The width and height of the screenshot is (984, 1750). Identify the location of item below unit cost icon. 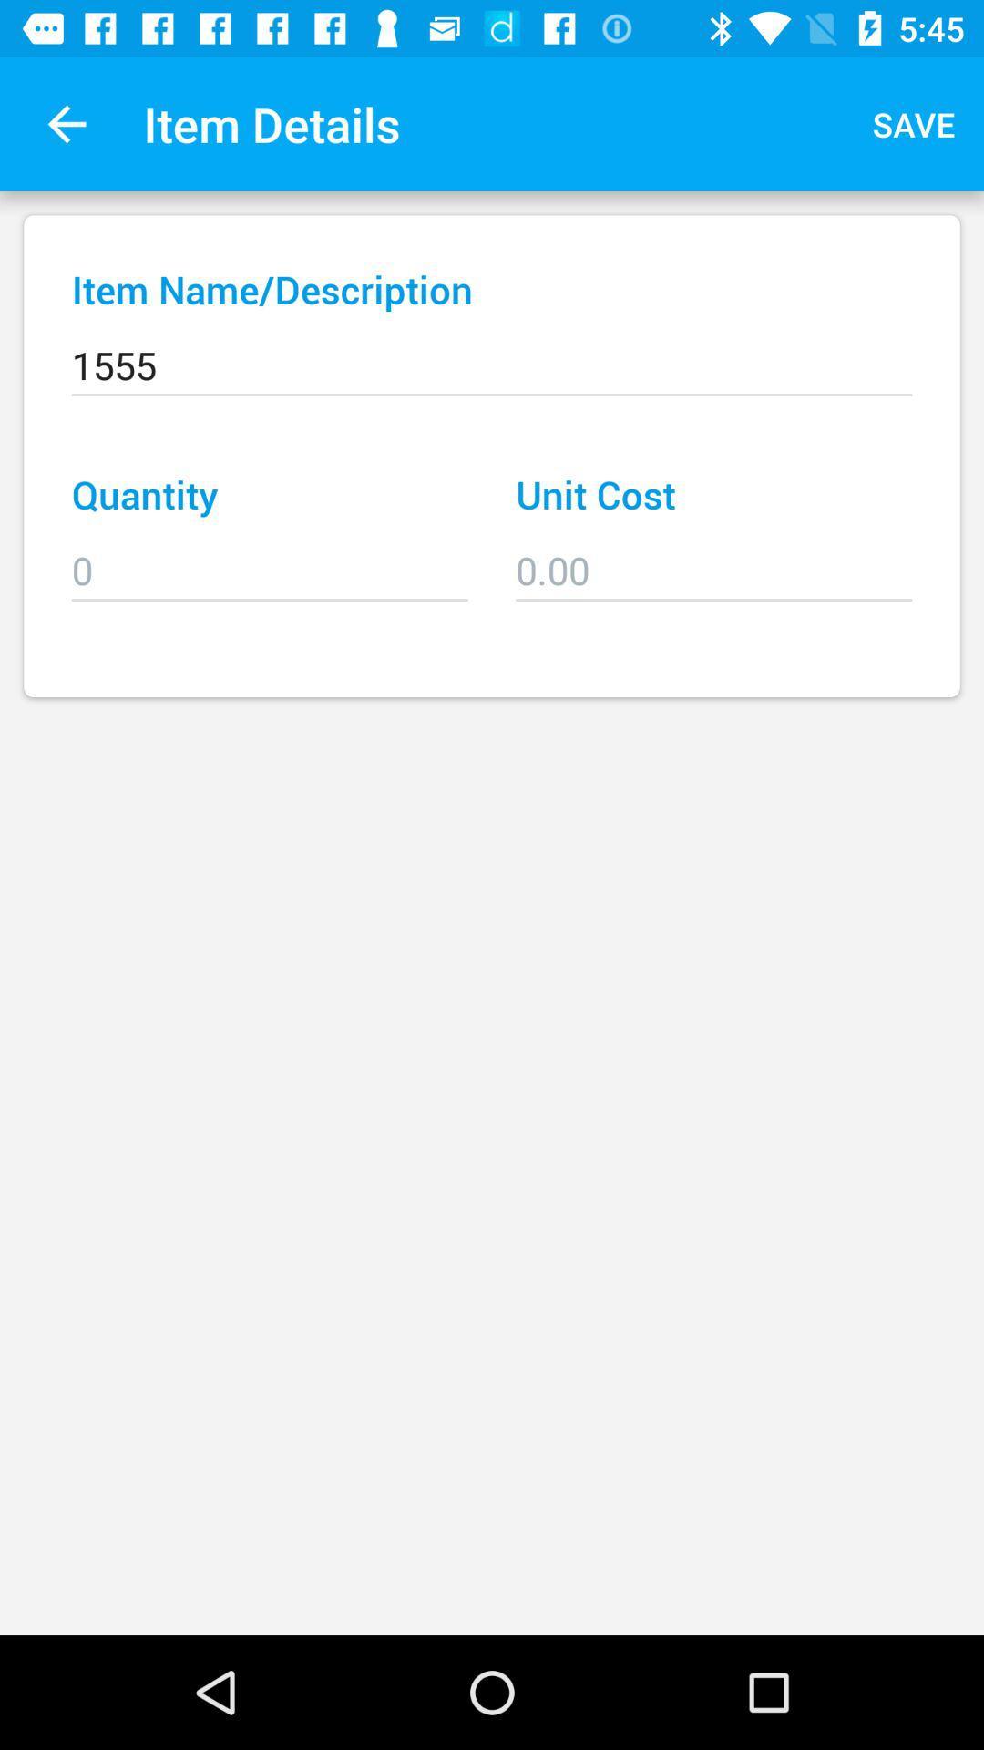
(712, 557).